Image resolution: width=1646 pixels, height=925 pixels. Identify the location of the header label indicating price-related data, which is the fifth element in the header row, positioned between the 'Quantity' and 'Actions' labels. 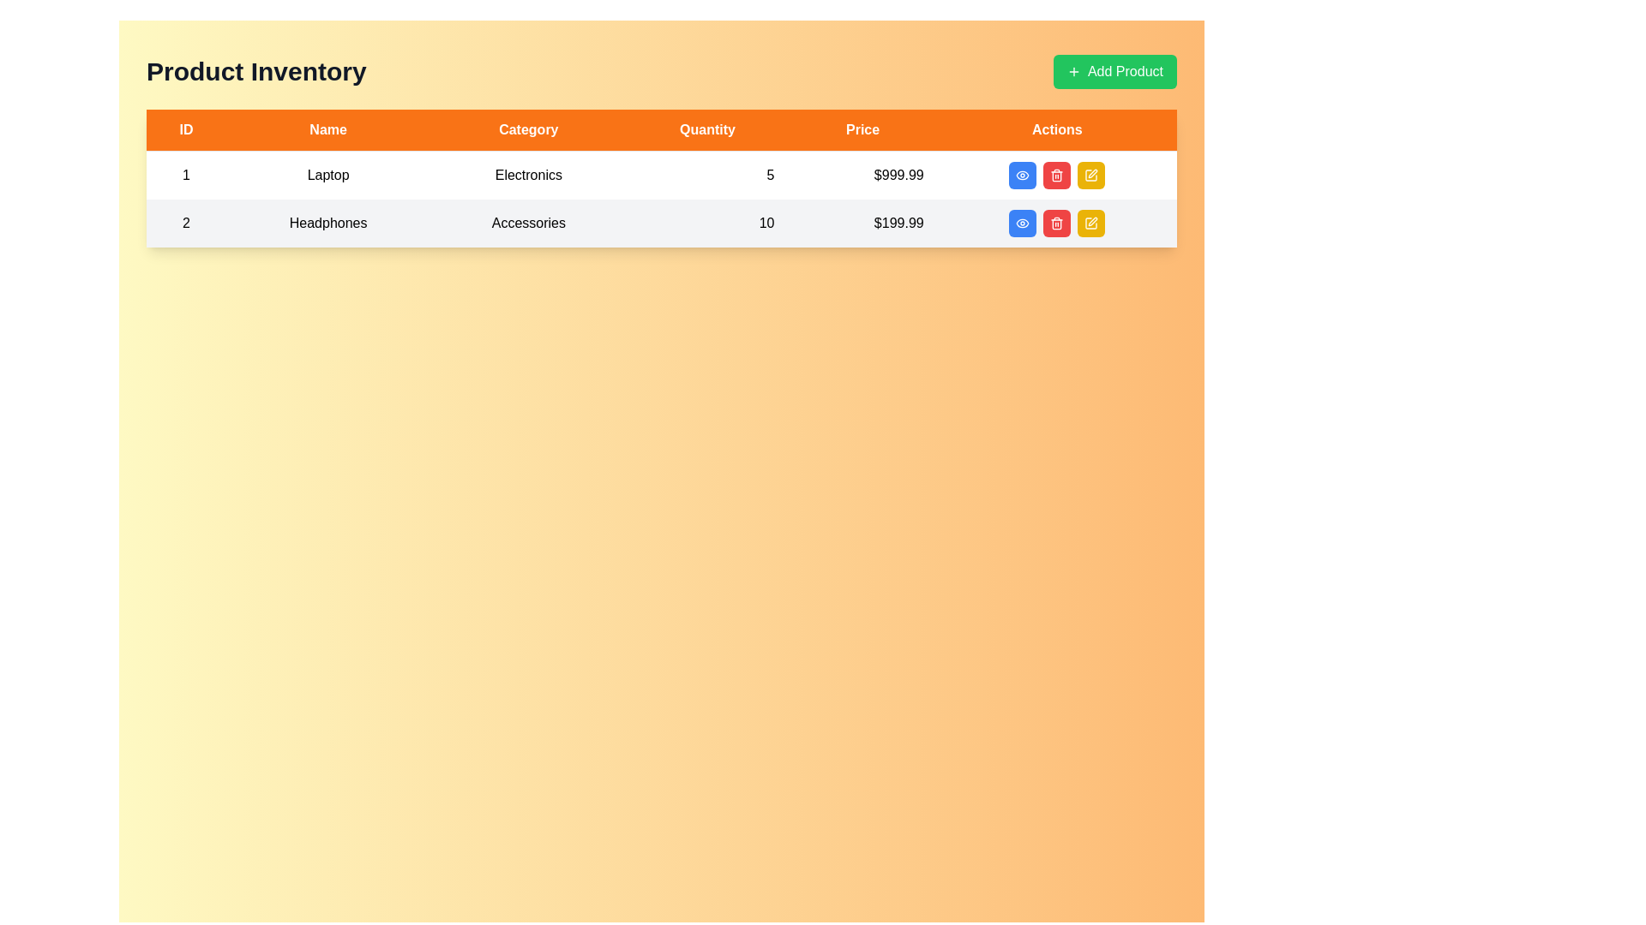
(862, 129).